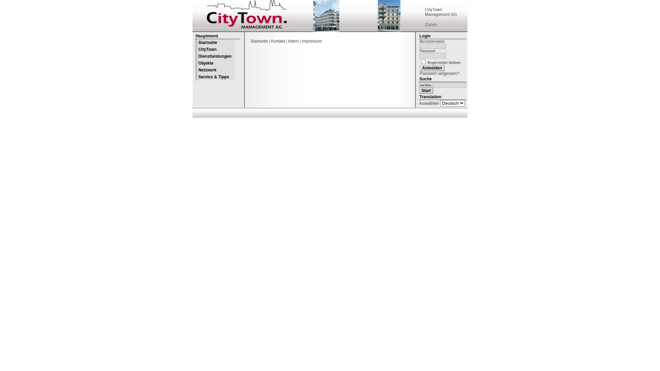  What do you see at coordinates (288, 41) in the screenshot?
I see `'Intern'` at bounding box center [288, 41].